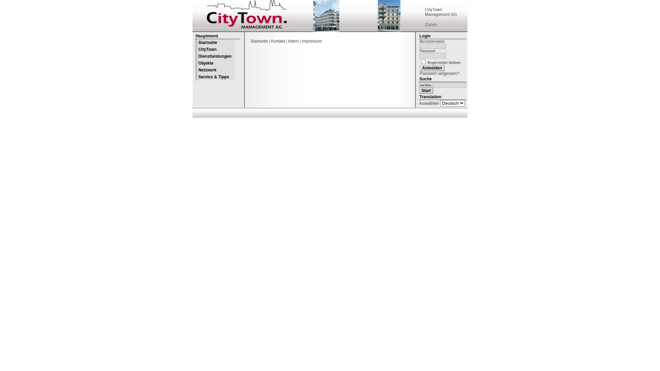  What do you see at coordinates (288, 41) in the screenshot?
I see `'Intern'` at bounding box center [288, 41].